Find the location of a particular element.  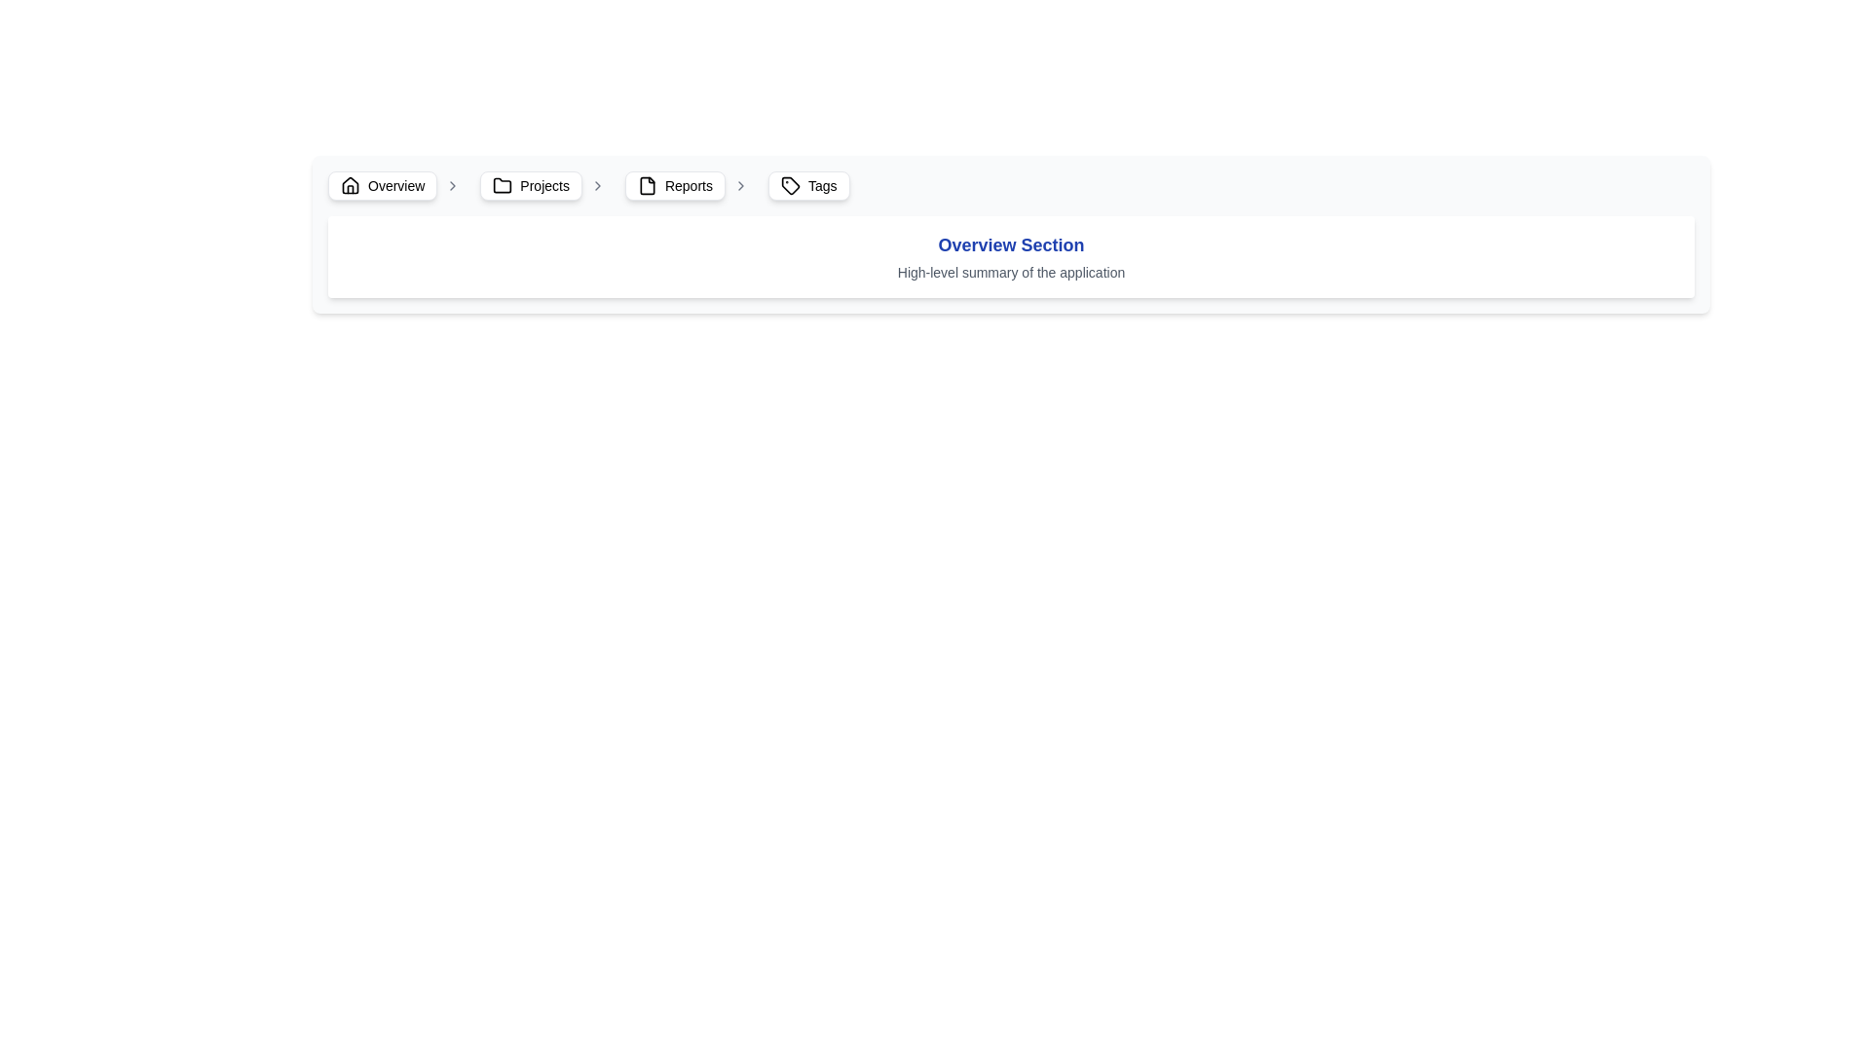

the 'Overview' text label in the breadcrumb navigation header, which is styled with a standard sans-serif font and positioned to the right of a house-shaped icon is located at coordinates (395, 186).